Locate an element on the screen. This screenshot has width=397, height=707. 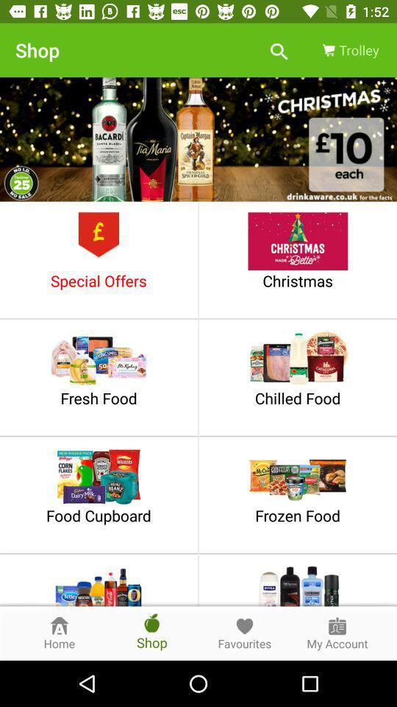
icon next to shop item is located at coordinates (279, 50).